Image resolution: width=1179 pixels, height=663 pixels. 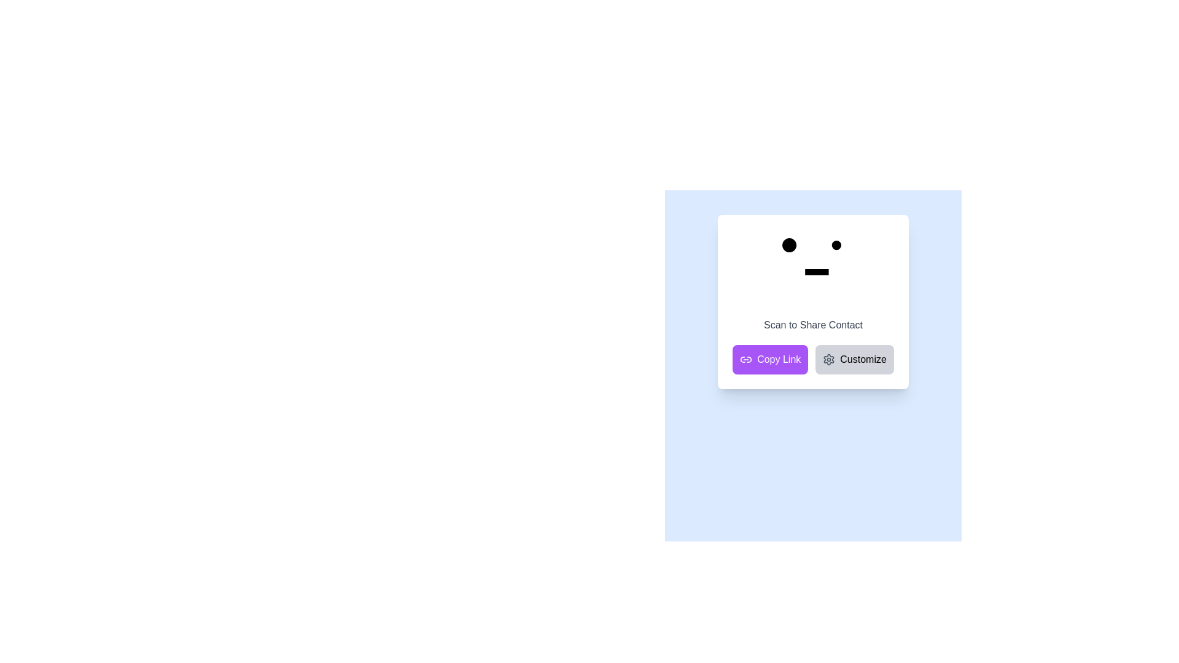 What do you see at coordinates (828, 359) in the screenshot?
I see `the settings icon located to the left of the 'Customize' text and to the right of the 'Copy Link' button` at bounding box center [828, 359].